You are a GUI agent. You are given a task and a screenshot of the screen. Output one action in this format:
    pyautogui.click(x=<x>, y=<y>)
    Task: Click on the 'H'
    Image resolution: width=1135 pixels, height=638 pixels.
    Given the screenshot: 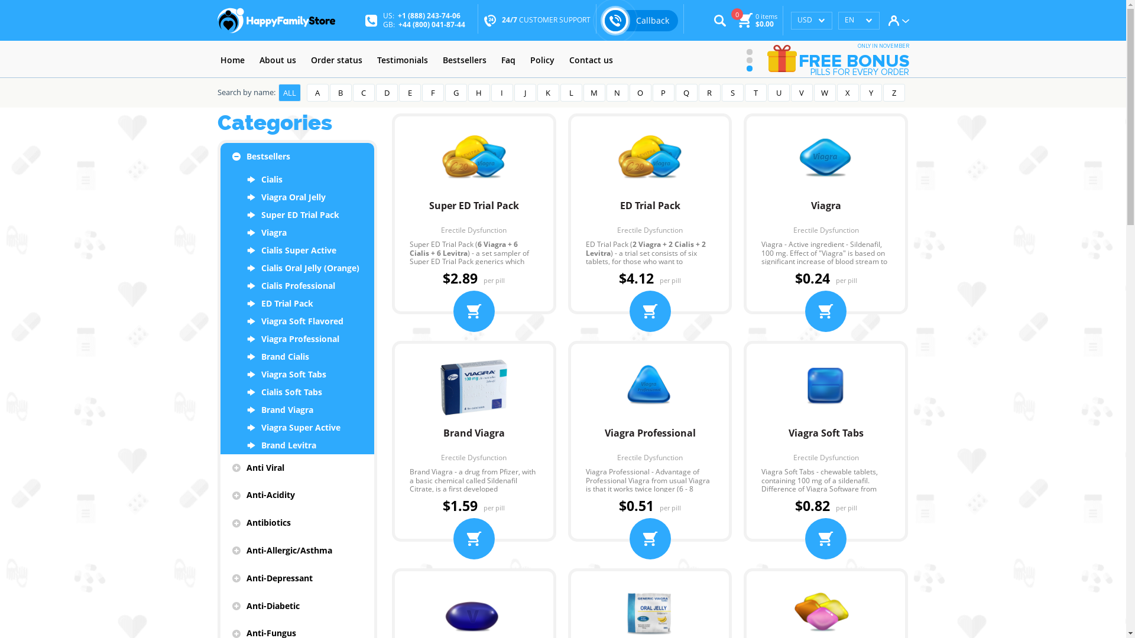 What is the action you would take?
    pyautogui.click(x=479, y=92)
    